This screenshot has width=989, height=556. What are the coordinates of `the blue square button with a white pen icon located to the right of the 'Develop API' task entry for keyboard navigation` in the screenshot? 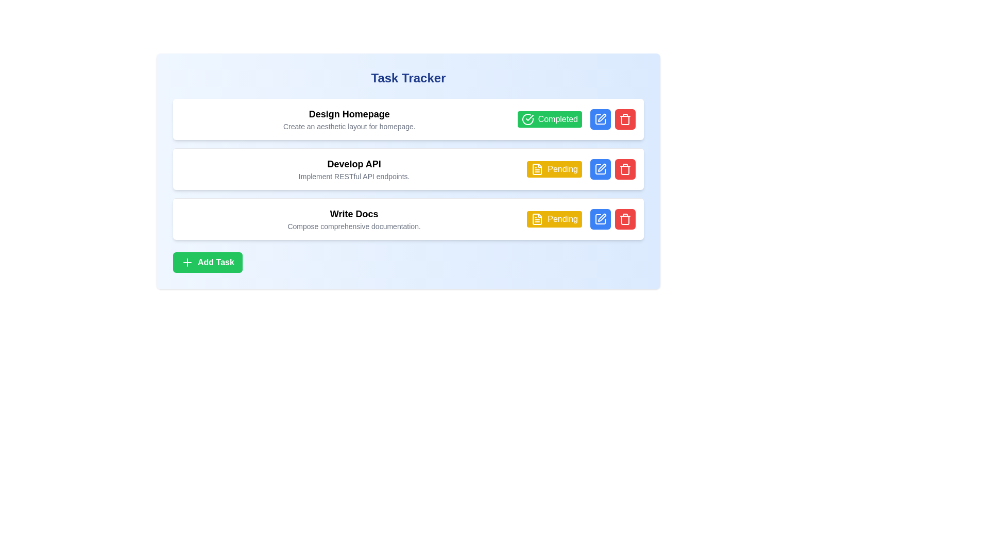 It's located at (601, 168).